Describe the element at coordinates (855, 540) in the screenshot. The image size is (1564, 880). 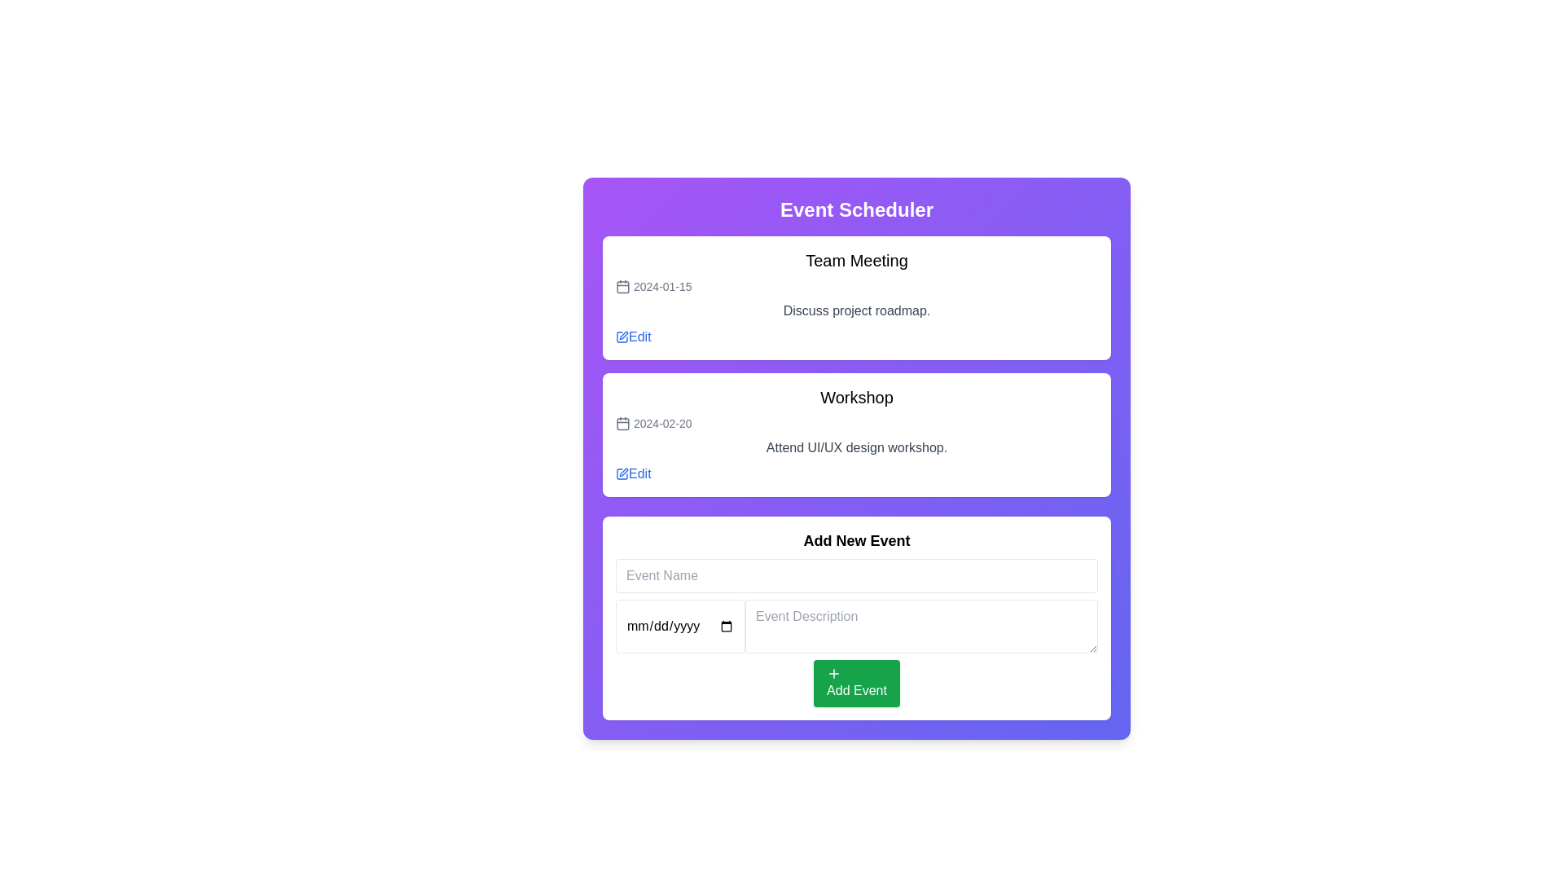
I see `the static text element that serves as the heading for the 'Add New Event' section, positioned above the 'Event Name' input field` at that location.